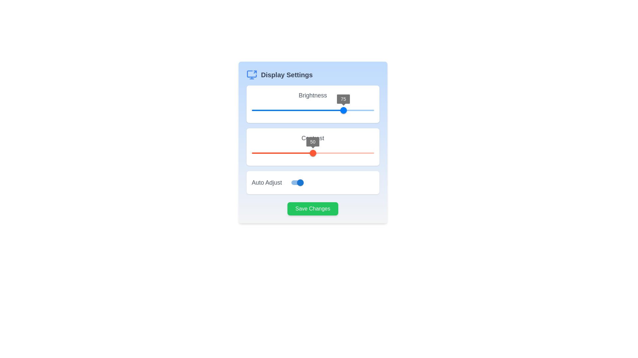  I want to click on the circular blue toggle switch thumb located under the 'Auto Adjust' label in the 'Display Settings' panel, so click(300, 183).